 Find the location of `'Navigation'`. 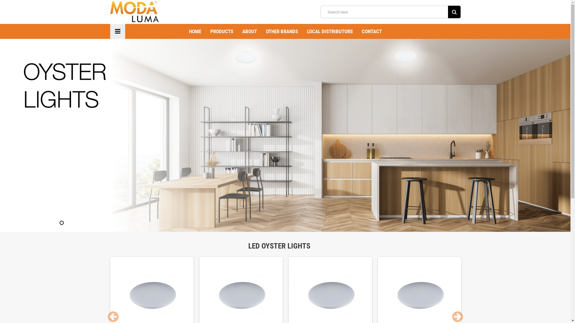

'Navigation' is located at coordinates (118, 31).